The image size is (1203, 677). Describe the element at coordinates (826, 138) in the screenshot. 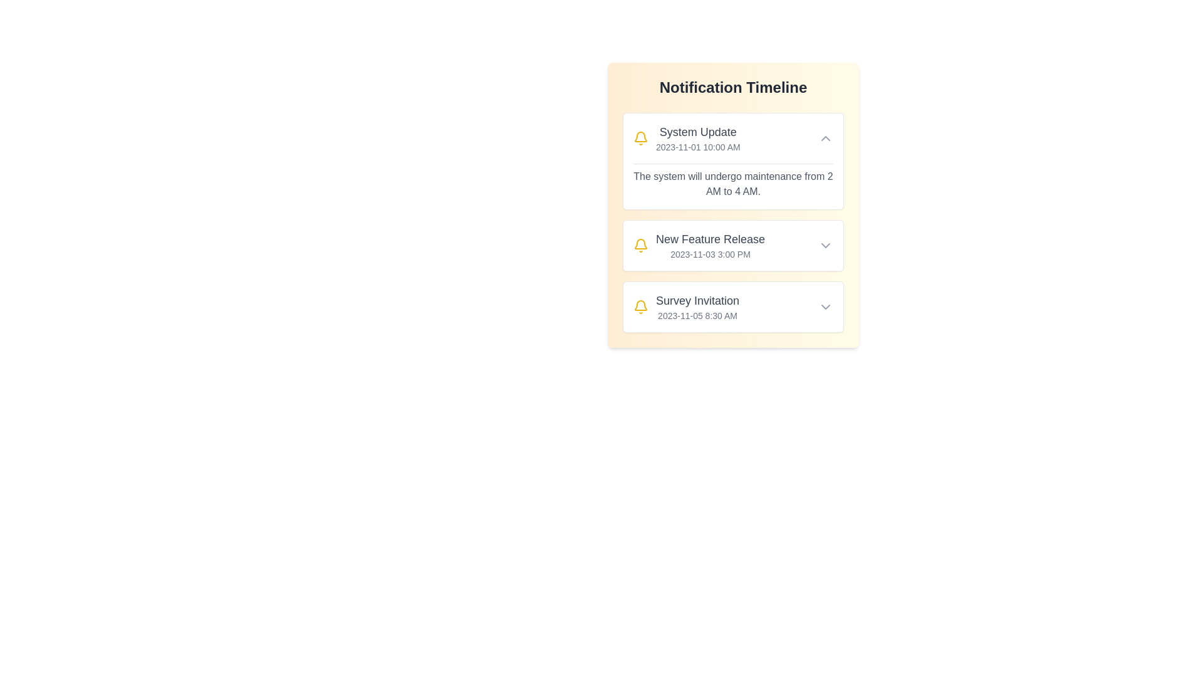

I see `the Chevron Up icon located at the top-right corner of the 'System Update' notification card for potential feedback` at that location.